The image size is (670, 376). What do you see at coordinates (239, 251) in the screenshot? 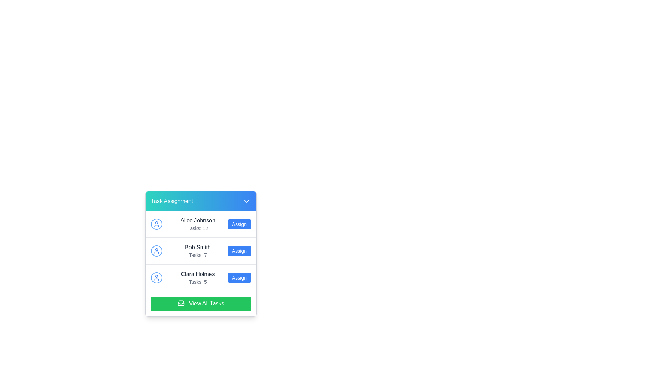
I see `the 'Assign' button, which has a blue background and white text, located to the right of user 'Bob Smith' and their task count 'Tasks: 7'` at bounding box center [239, 251].